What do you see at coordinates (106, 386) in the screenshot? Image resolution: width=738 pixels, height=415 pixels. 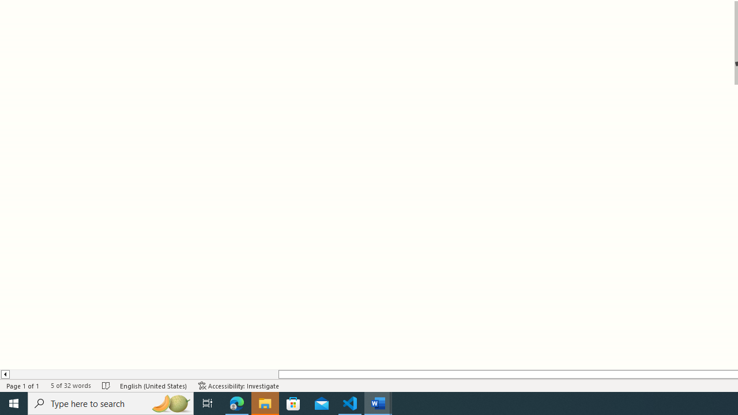 I see `'Spelling and Grammar Check No Errors'` at bounding box center [106, 386].